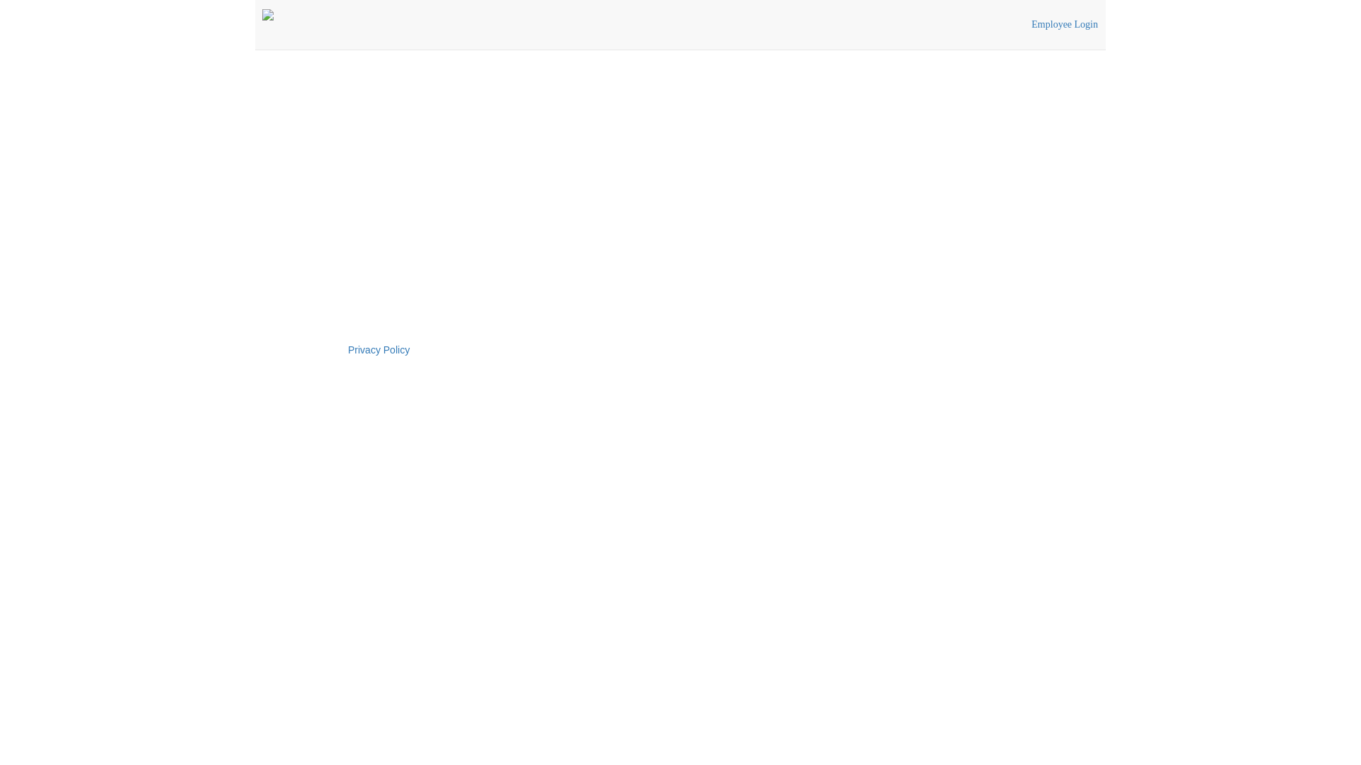  Describe the element at coordinates (379, 349) in the screenshot. I see `'Privacy Policy'` at that location.